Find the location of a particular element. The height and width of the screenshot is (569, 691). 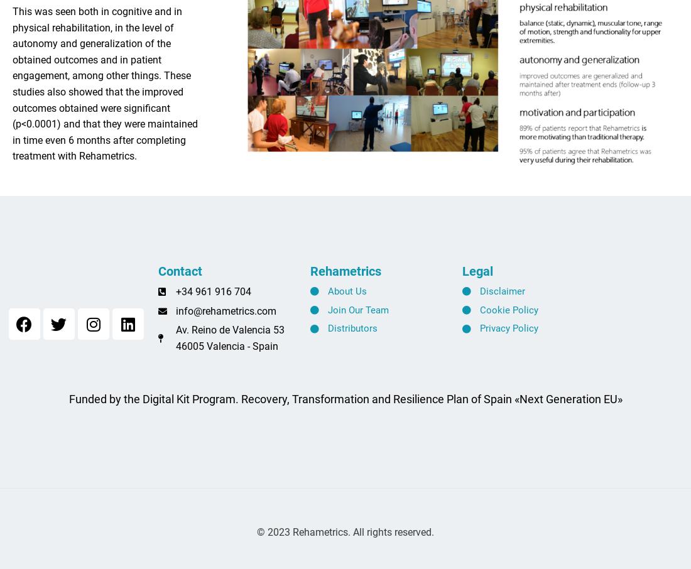

'info@rehametrics.com' is located at coordinates (226, 316).